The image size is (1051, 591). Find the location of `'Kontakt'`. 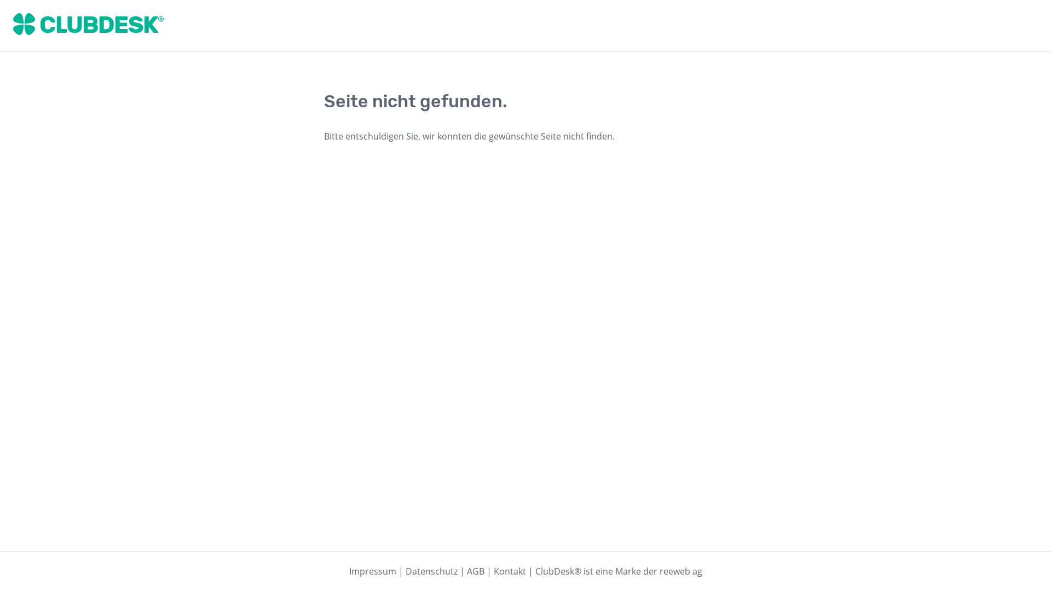

'Kontakt' is located at coordinates (509, 571).